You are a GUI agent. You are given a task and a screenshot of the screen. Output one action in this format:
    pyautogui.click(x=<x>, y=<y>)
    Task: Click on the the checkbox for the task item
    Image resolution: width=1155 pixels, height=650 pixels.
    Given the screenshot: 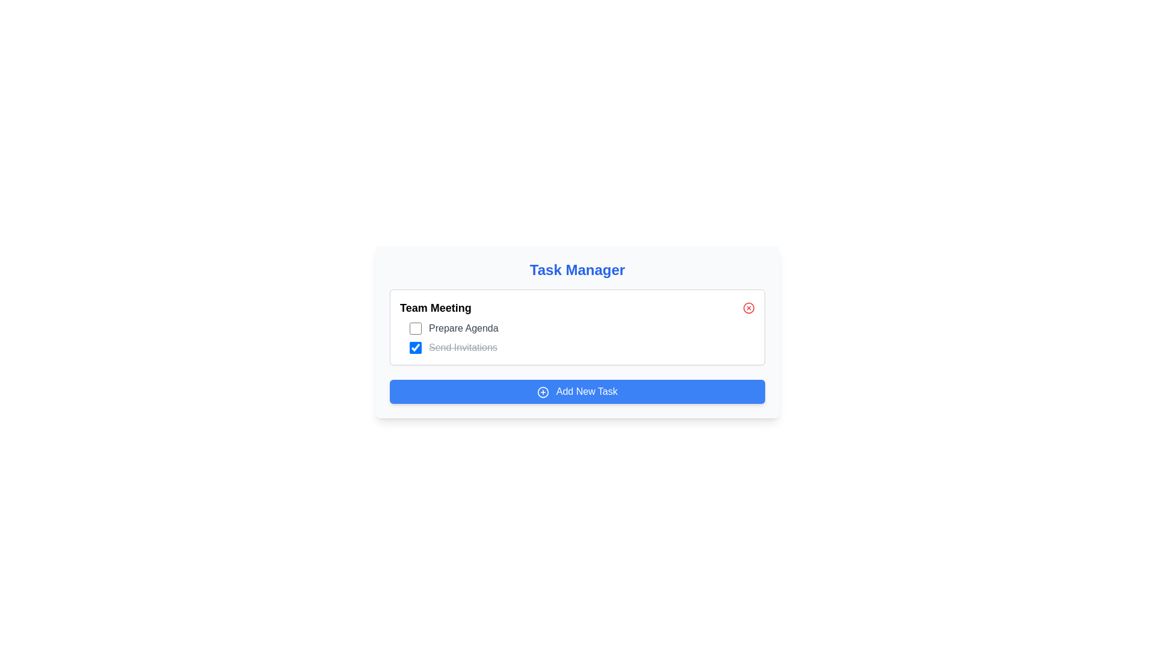 What is the action you would take?
    pyautogui.click(x=582, y=329)
    